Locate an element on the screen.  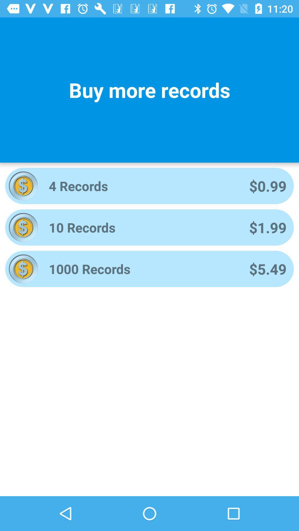
the $5.49 icon is located at coordinates (267, 269).